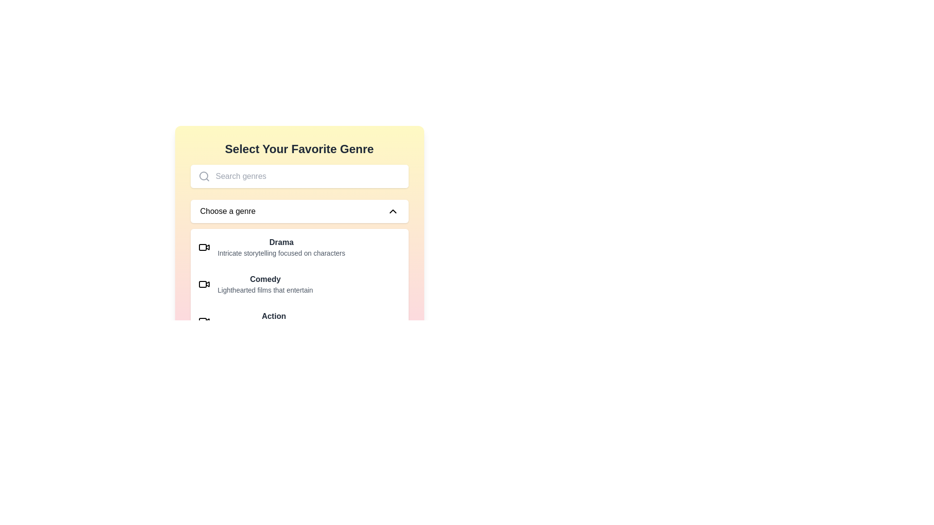  What do you see at coordinates (203, 176) in the screenshot?
I see `the central circular part of the search icon, which is part of the graphical representation of a magnifying glass located towards the top-left side of the interface` at bounding box center [203, 176].